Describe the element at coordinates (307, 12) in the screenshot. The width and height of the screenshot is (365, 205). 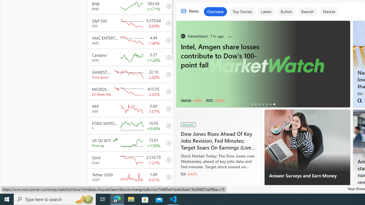
I see `'Bearish'` at that location.